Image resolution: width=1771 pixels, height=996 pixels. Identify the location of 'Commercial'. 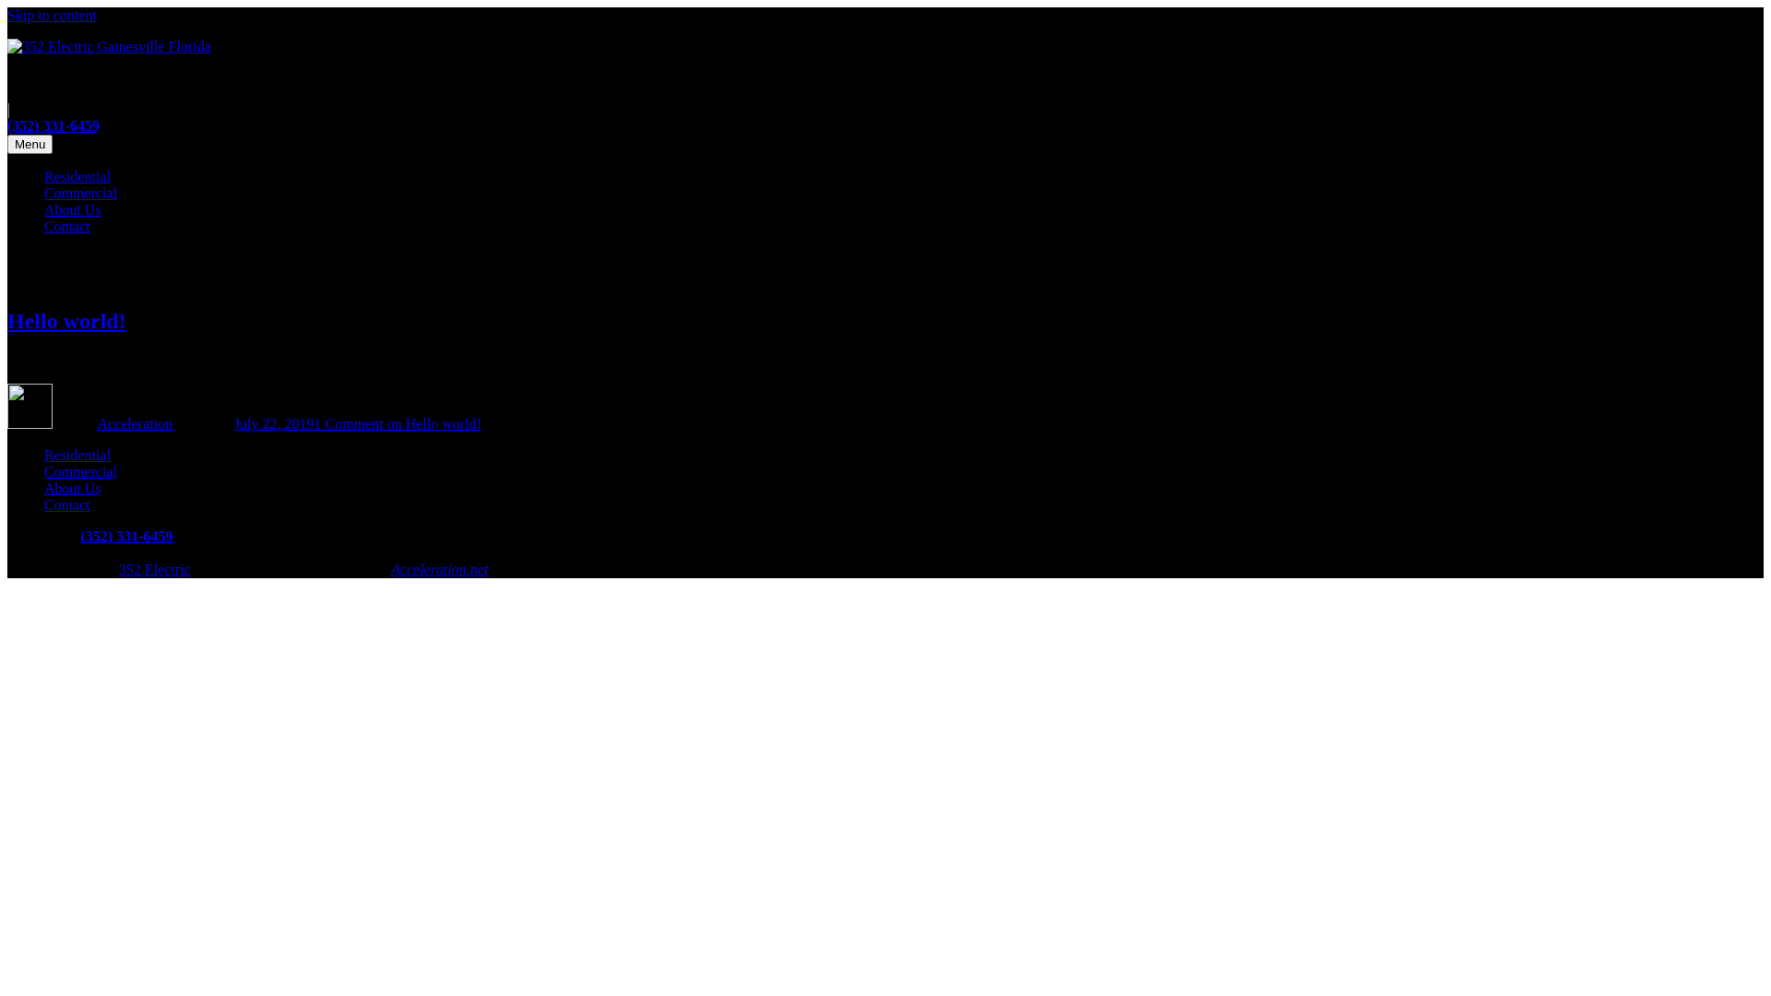
(79, 470).